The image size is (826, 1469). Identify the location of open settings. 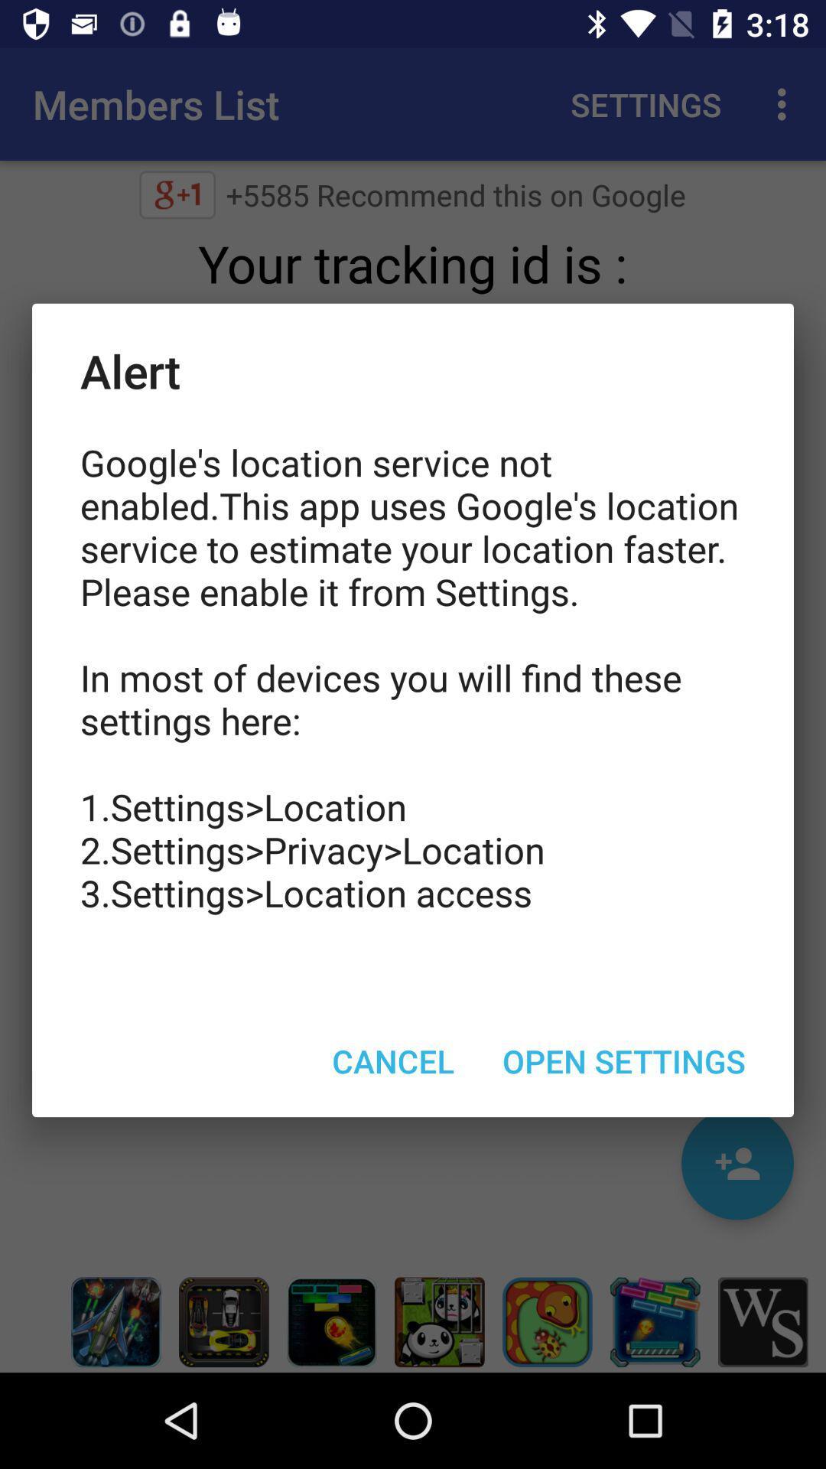
(624, 1060).